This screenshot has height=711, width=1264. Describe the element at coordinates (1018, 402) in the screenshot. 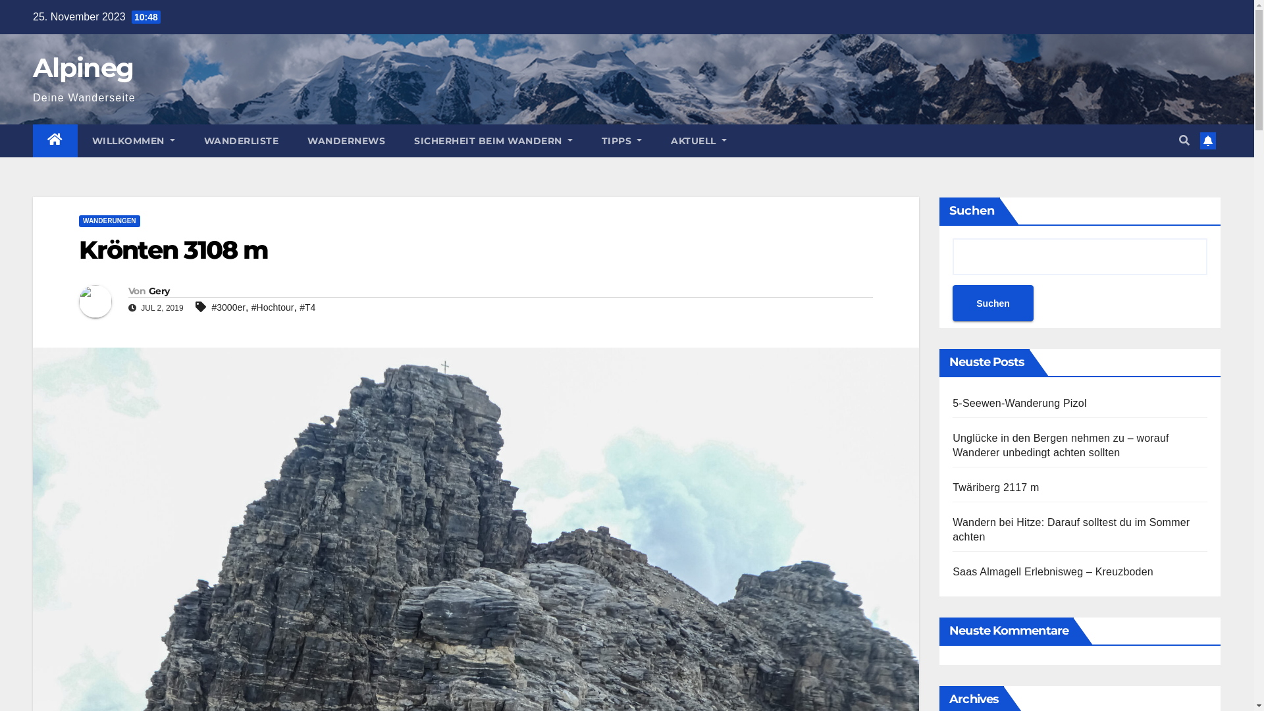

I see `'5-Seewen-Wanderung Pizol'` at that location.